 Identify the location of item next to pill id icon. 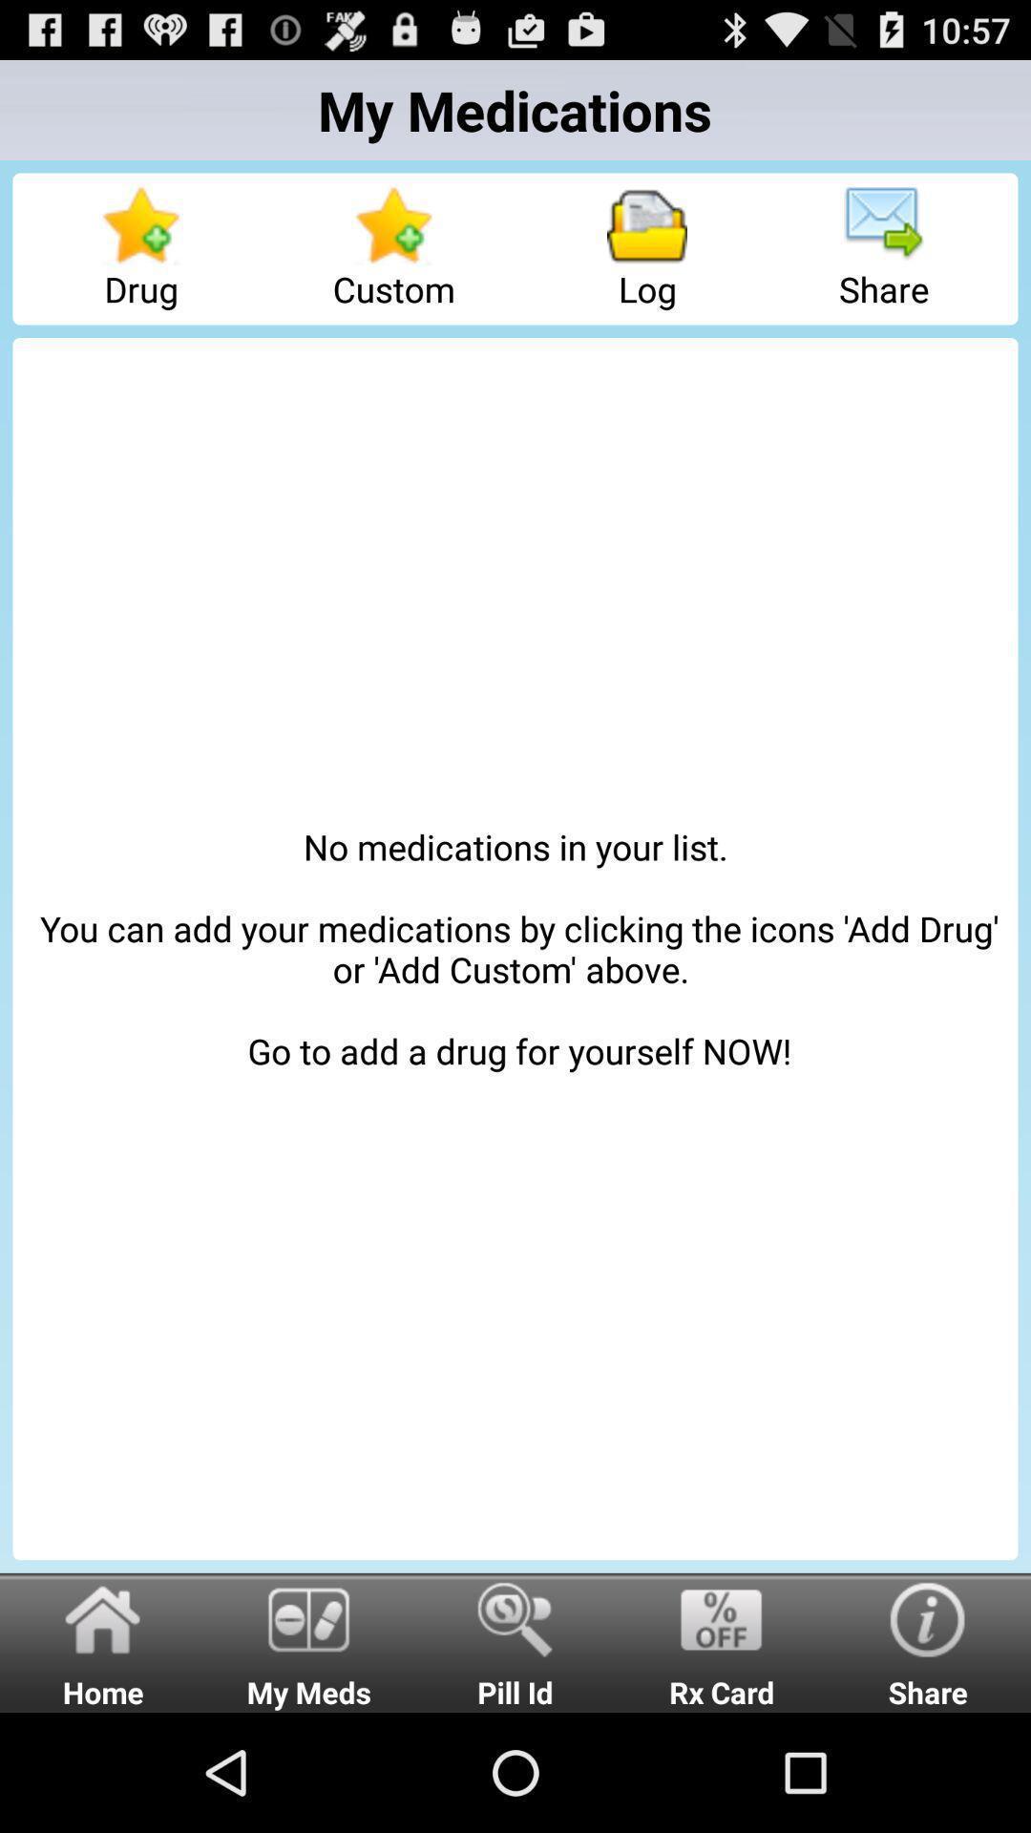
(722, 1641).